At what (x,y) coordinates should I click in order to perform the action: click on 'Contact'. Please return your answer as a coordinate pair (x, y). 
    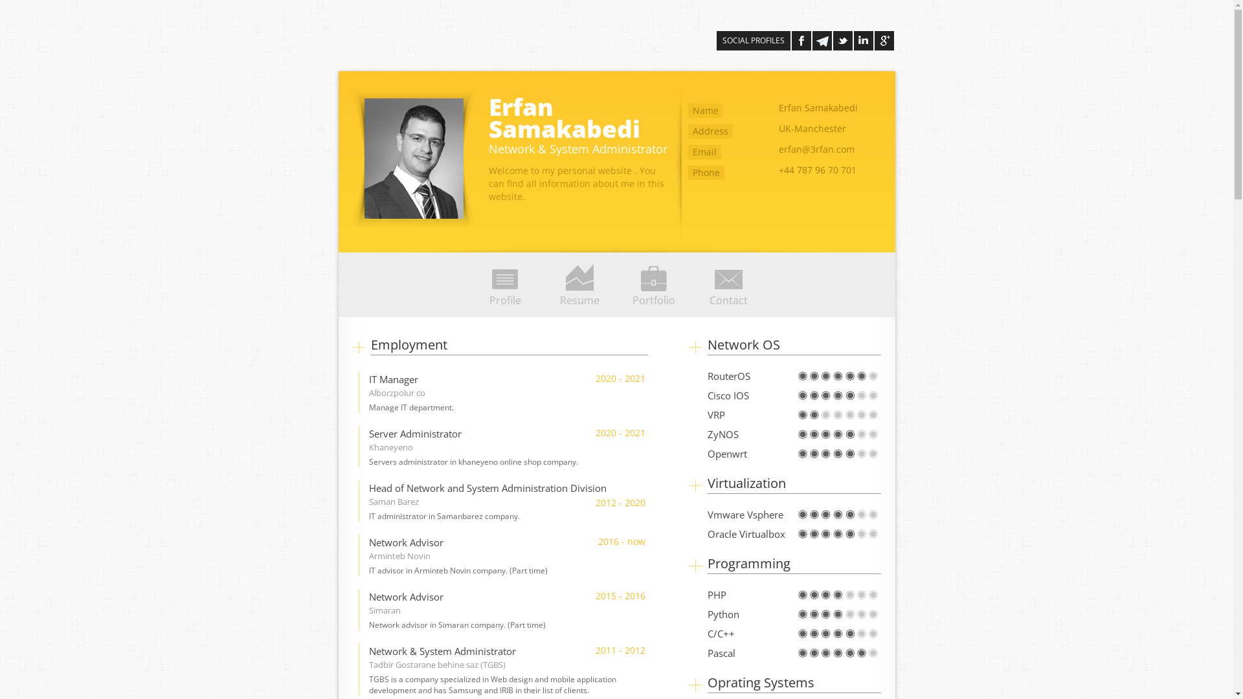
    Looking at the image, I should click on (728, 280).